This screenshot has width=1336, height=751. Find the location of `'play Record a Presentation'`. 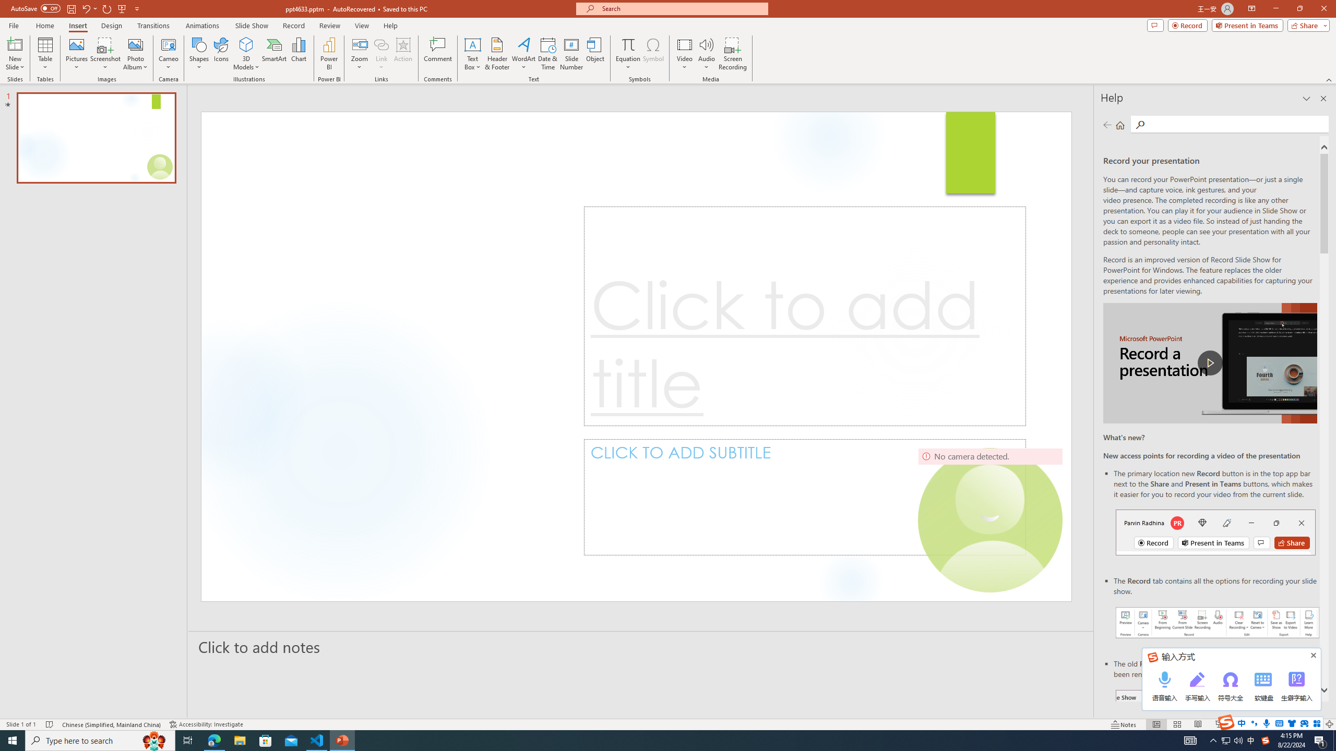

'play Record a Presentation' is located at coordinates (1210, 363).